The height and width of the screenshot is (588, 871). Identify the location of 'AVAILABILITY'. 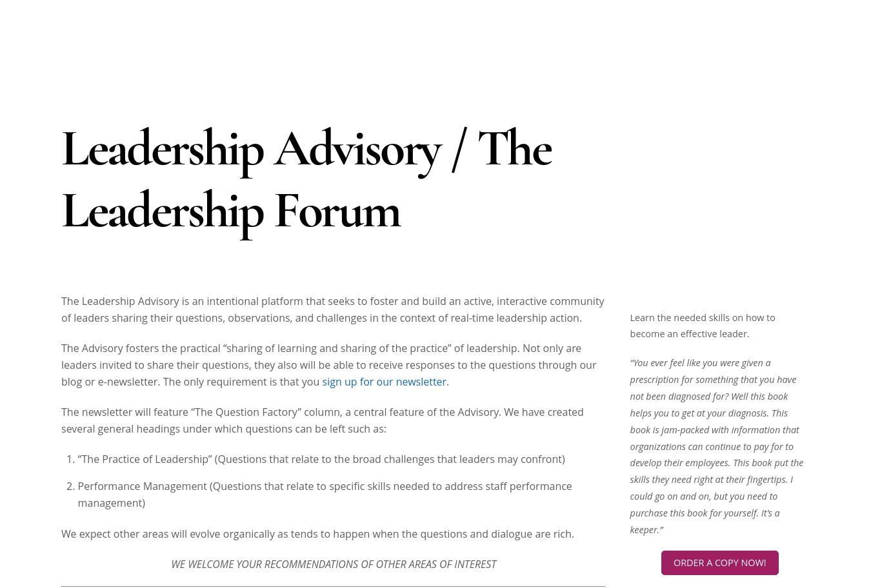
(629, 296).